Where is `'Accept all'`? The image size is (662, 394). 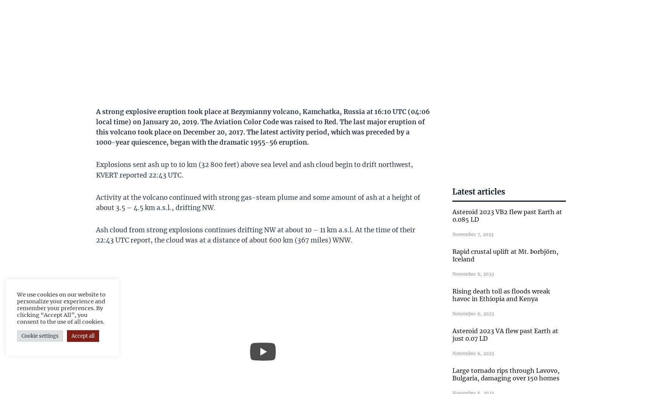
'Accept all' is located at coordinates (83, 336).